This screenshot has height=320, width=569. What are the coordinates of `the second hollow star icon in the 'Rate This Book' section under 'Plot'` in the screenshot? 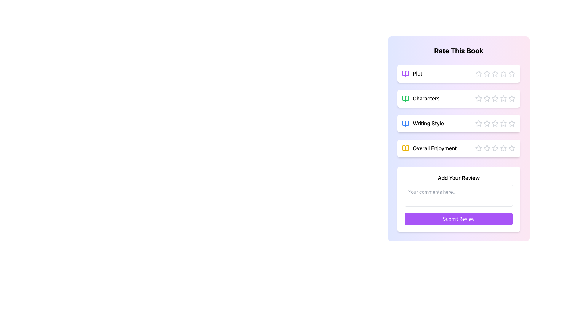 It's located at (486, 73).